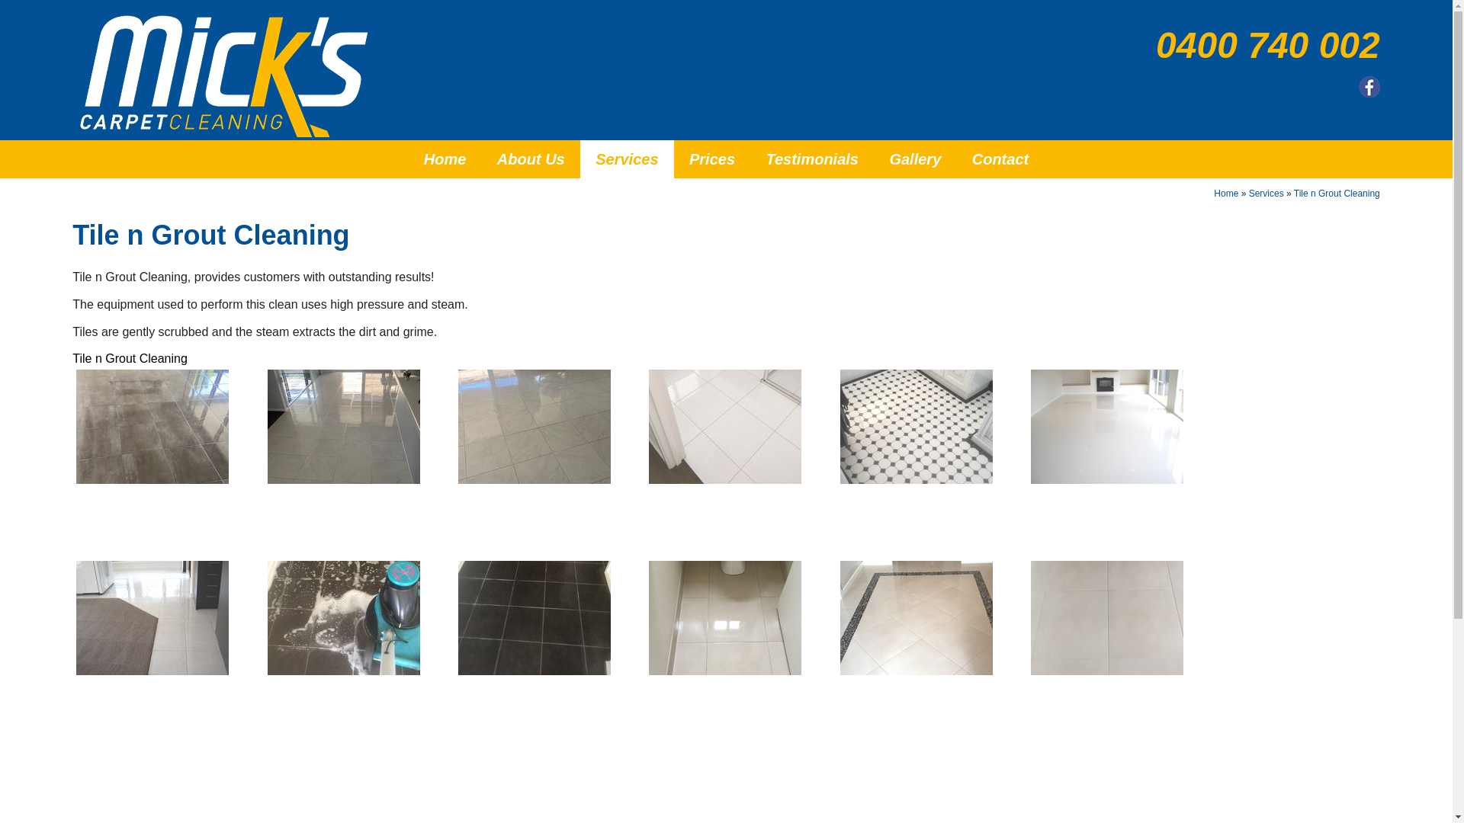 The height and width of the screenshot is (823, 1464). Describe the element at coordinates (1266, 193) in the screenshot. I see `'Services'` at that location.